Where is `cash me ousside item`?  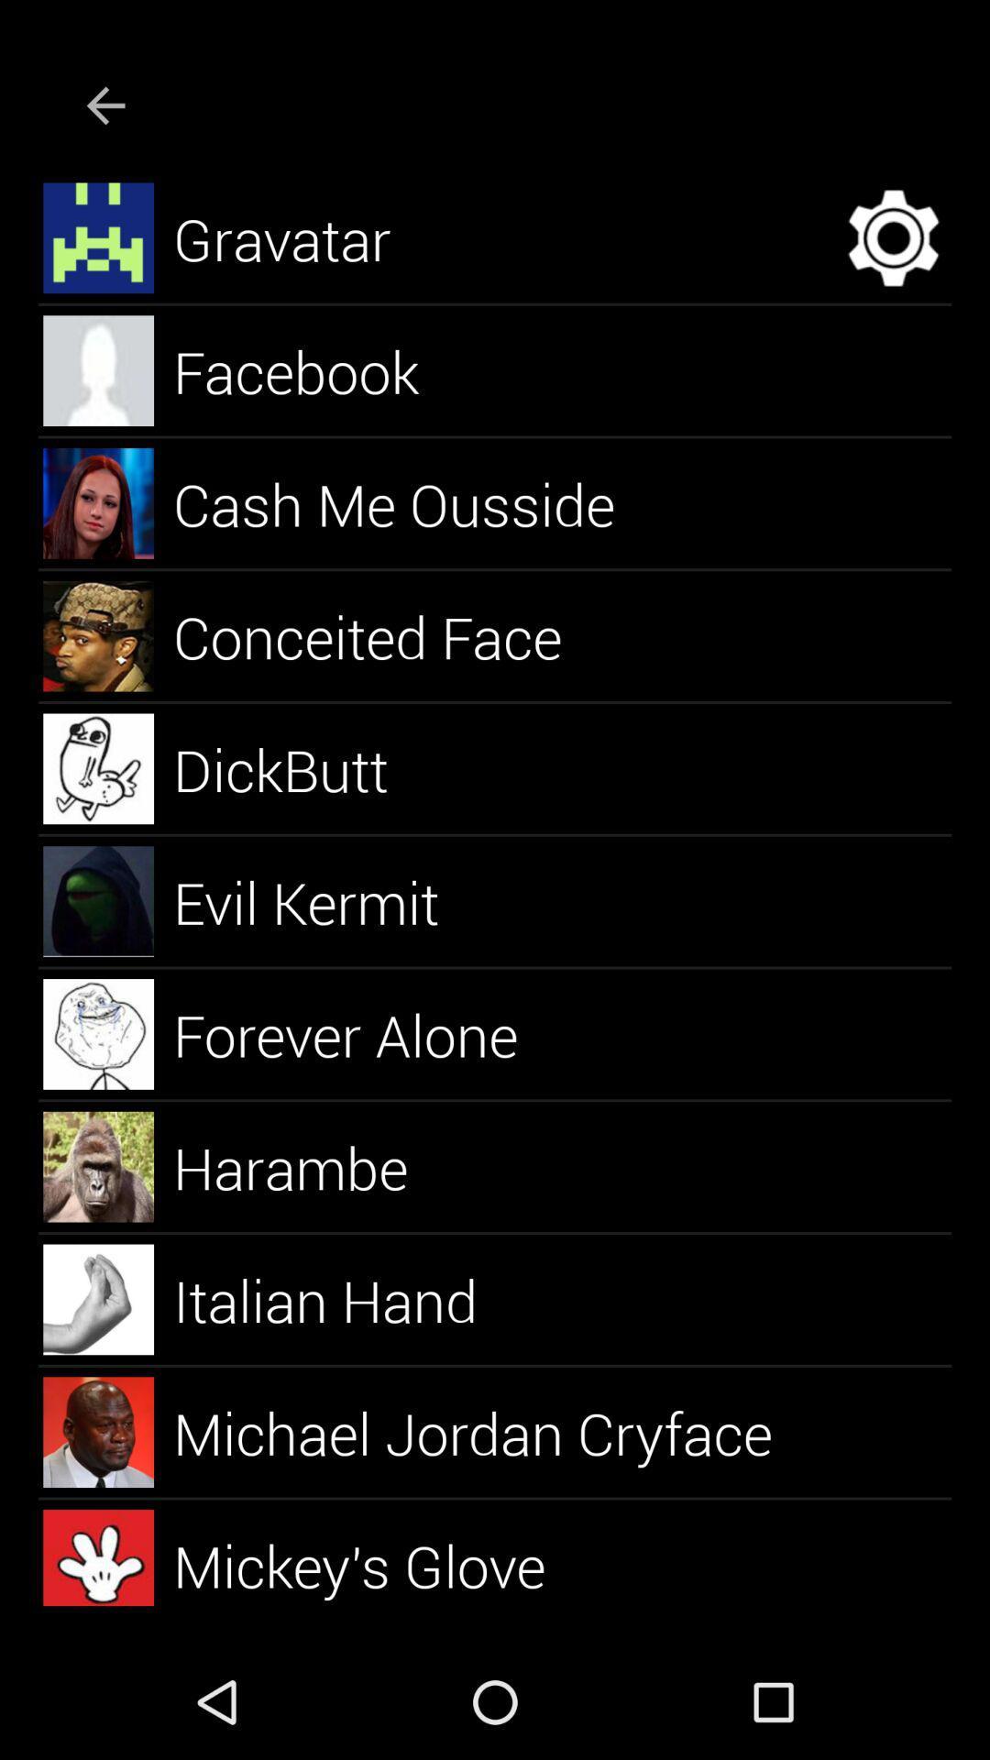
cash me ousside item is located at coordinates (415, 503).